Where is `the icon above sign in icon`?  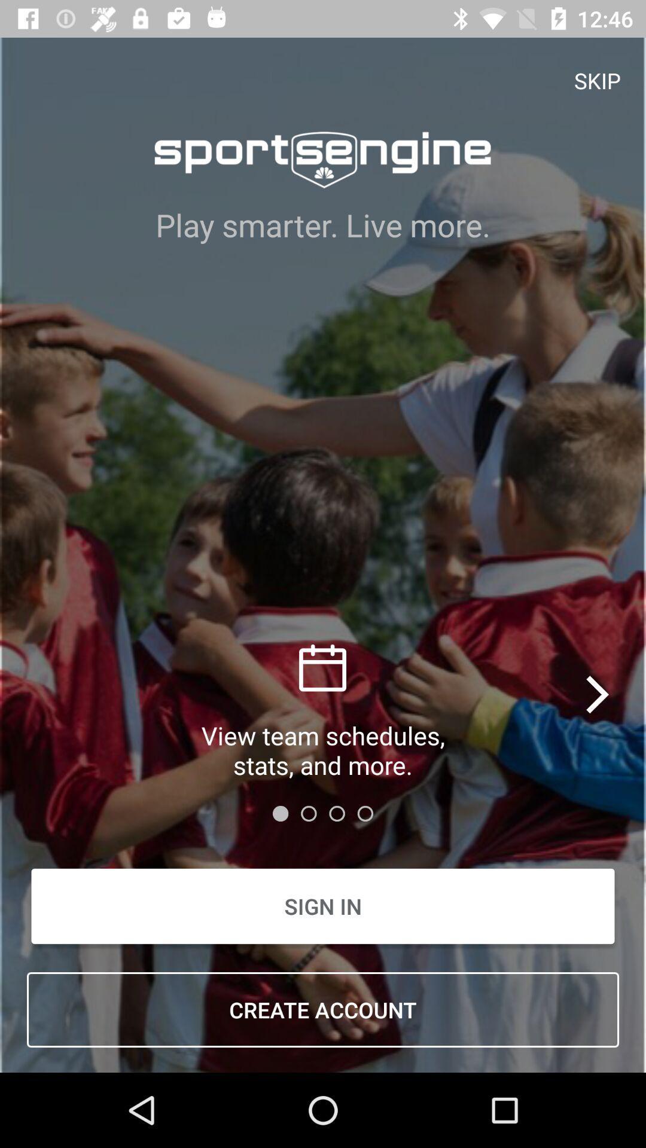
the icon above sign in icon is located at coordinates (599, 694).